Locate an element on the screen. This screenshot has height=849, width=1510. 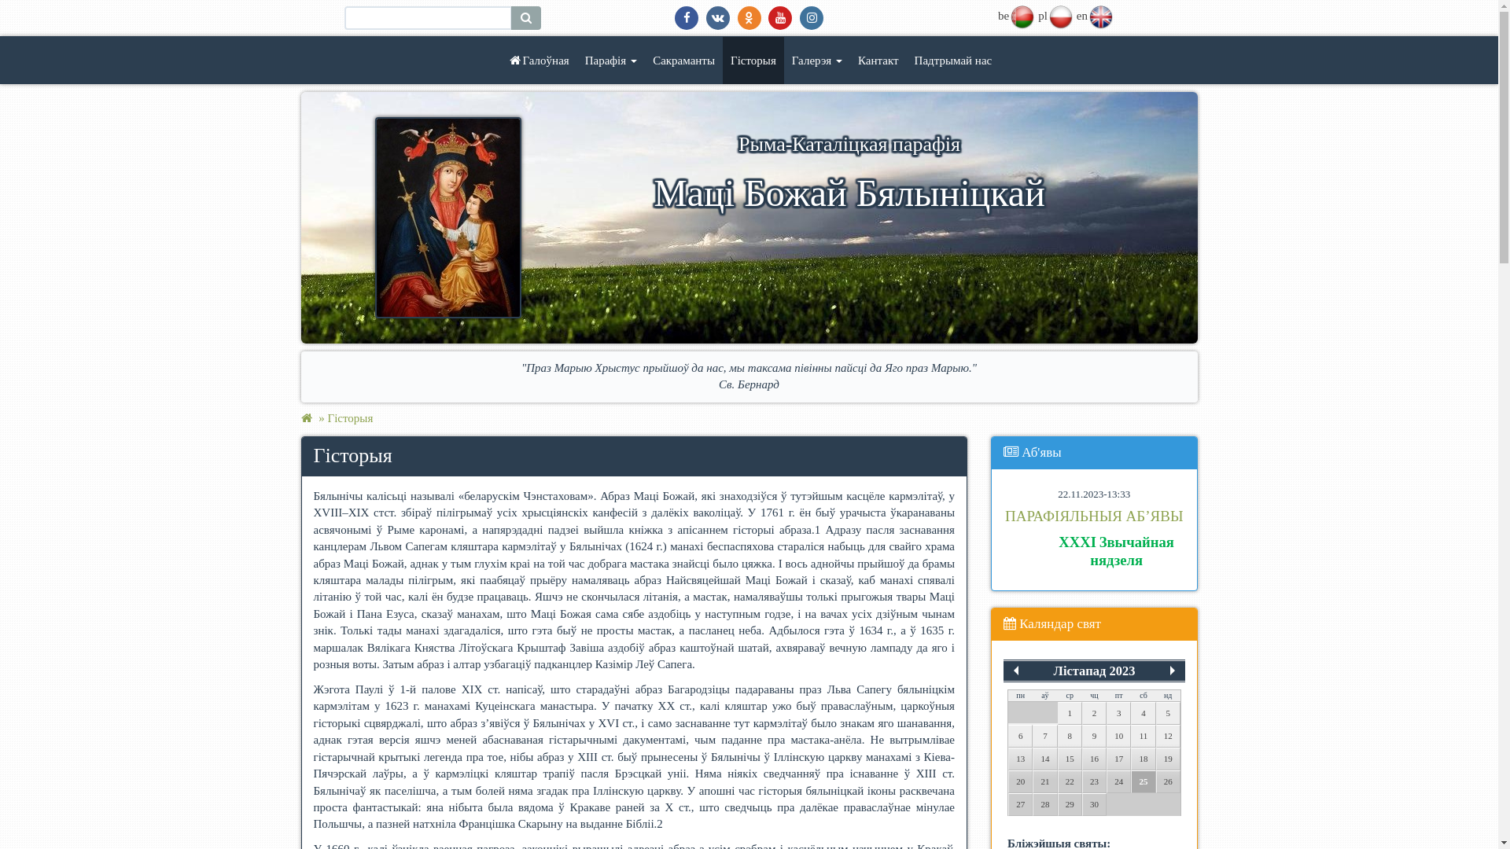
'13' is located at coordinates (1020, 758).